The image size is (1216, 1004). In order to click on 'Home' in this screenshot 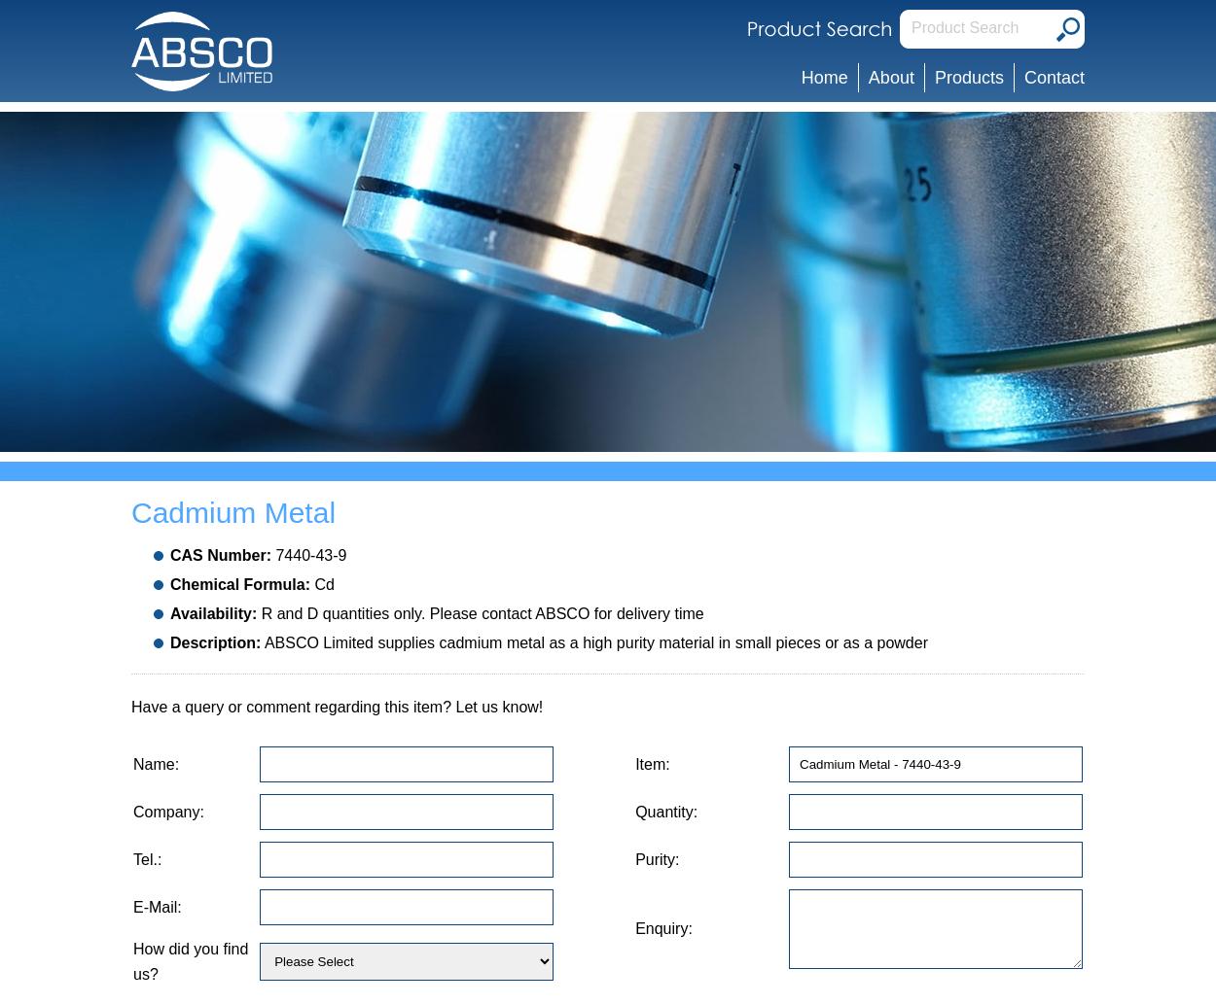, I will do `click(823, 77)`.